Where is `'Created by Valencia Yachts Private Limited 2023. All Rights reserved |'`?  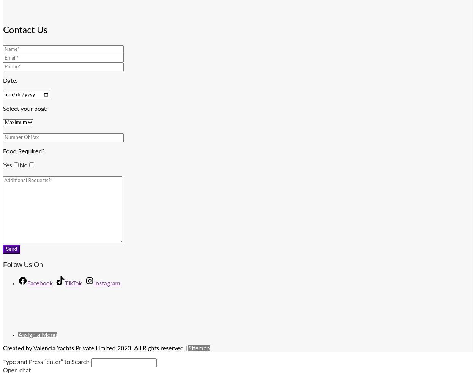
'Created by Valencia Yachts Private Limited 2023. All Rights reserved |' is located at coordinates (95, 348).